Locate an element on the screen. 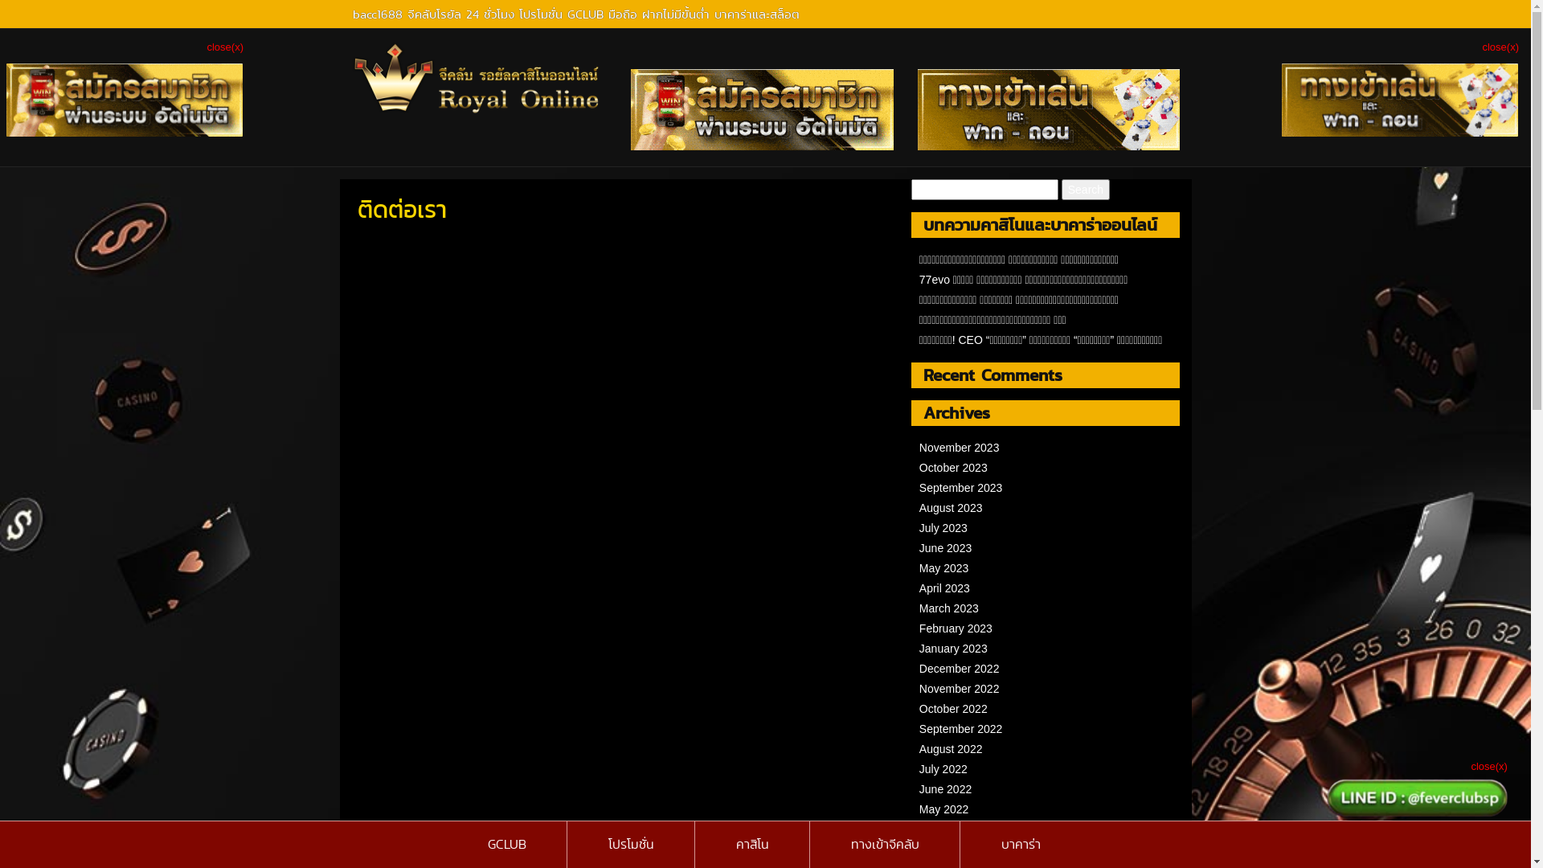  'September 2023' is located at coordinates (960, 486).